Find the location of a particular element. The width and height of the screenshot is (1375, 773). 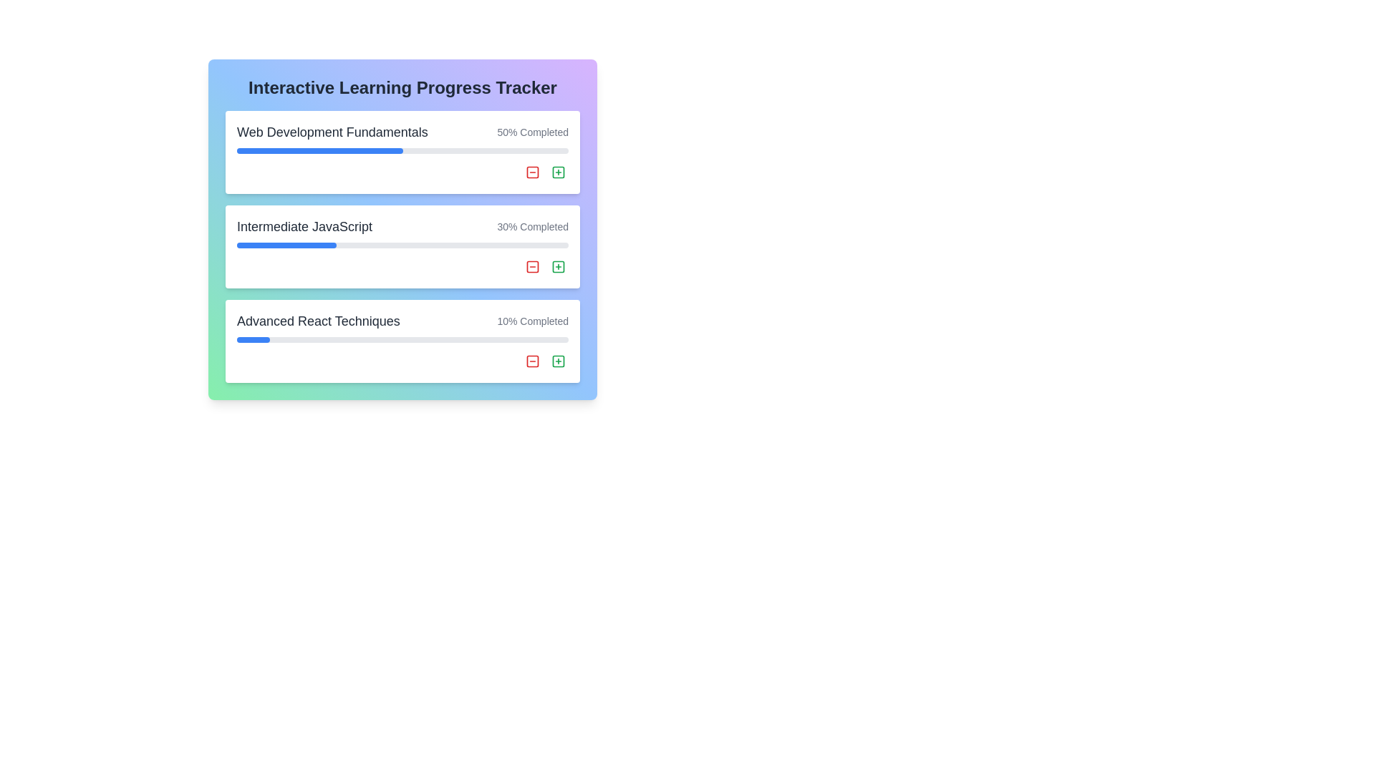

the 'remove' or 'delete' icon located to the right of the progress bar for the 'Intermediate JavaScript' entry is located at coordinates (532, 267).